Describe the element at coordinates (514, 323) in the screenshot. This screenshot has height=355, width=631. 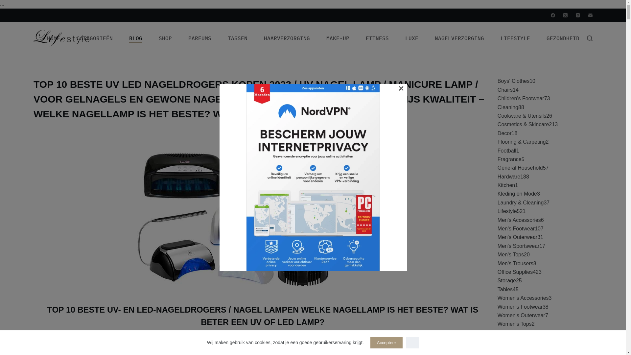
I see `'Women's Tops'` at that location.